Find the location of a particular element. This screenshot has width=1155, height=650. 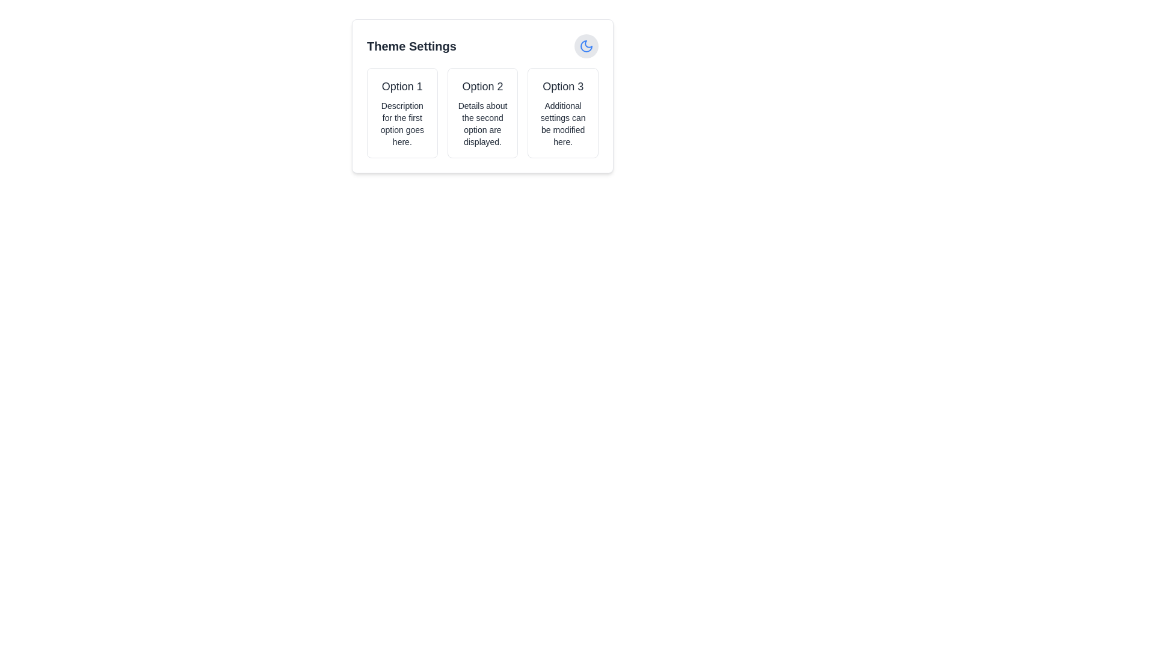

the text label that identifies the third option in a group of selection cards, positioned at the top center of its card is located at coordinates (562, 85).